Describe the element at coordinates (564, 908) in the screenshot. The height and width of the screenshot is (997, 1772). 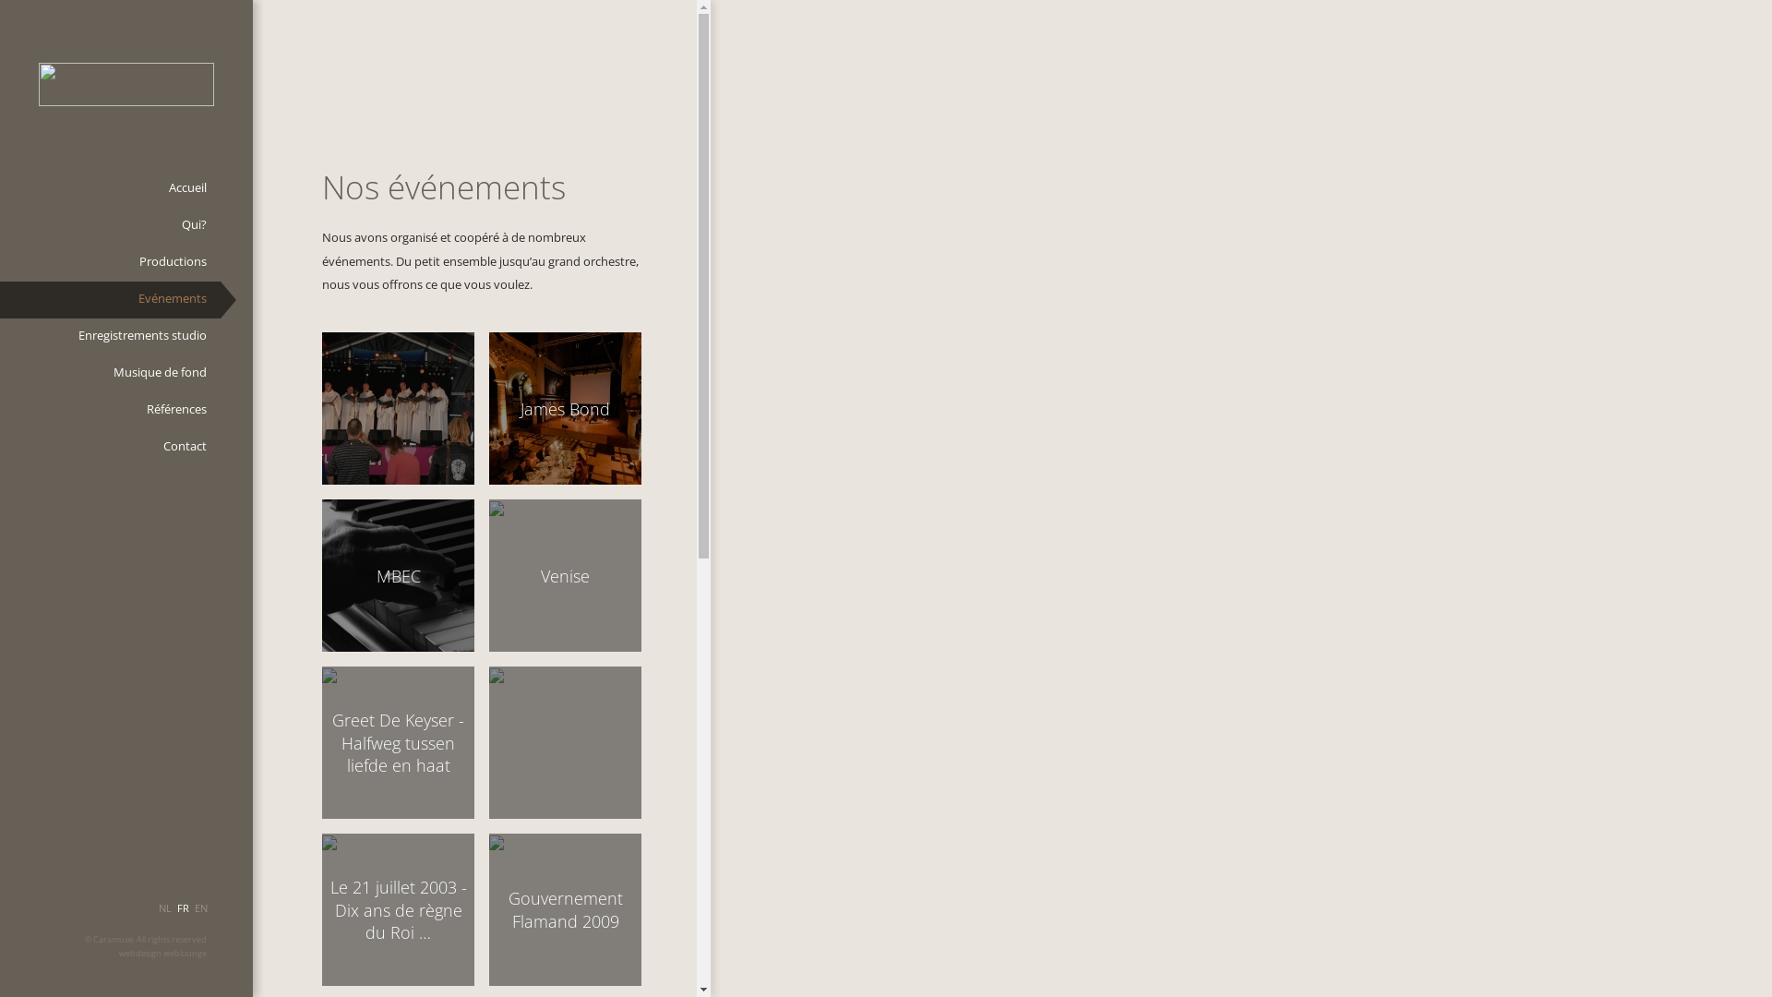
I see `'Gouvernement Flamand 2009'` at that location.